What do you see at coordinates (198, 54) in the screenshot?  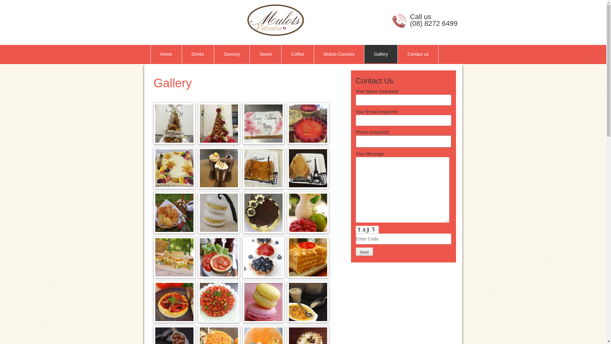 I see `'Drinks'` at bounding box center [198, 54].